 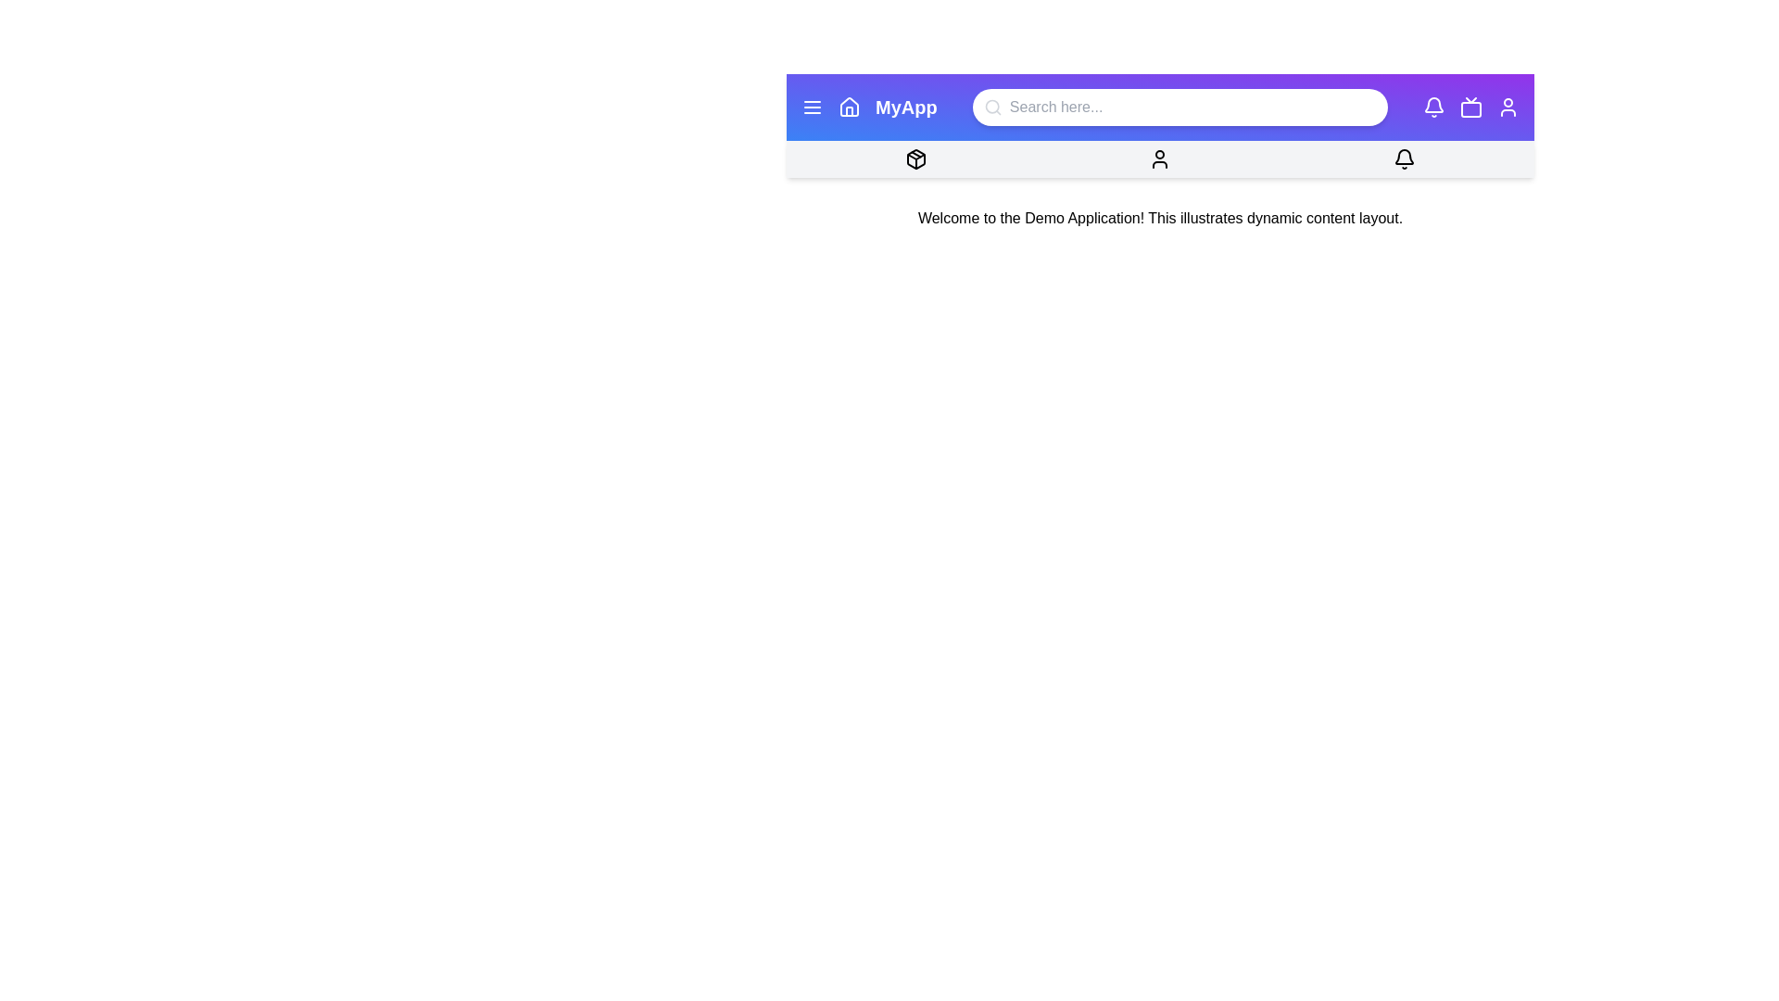 I want to click on the text element to view the content description, so click(x=1159, y=217).